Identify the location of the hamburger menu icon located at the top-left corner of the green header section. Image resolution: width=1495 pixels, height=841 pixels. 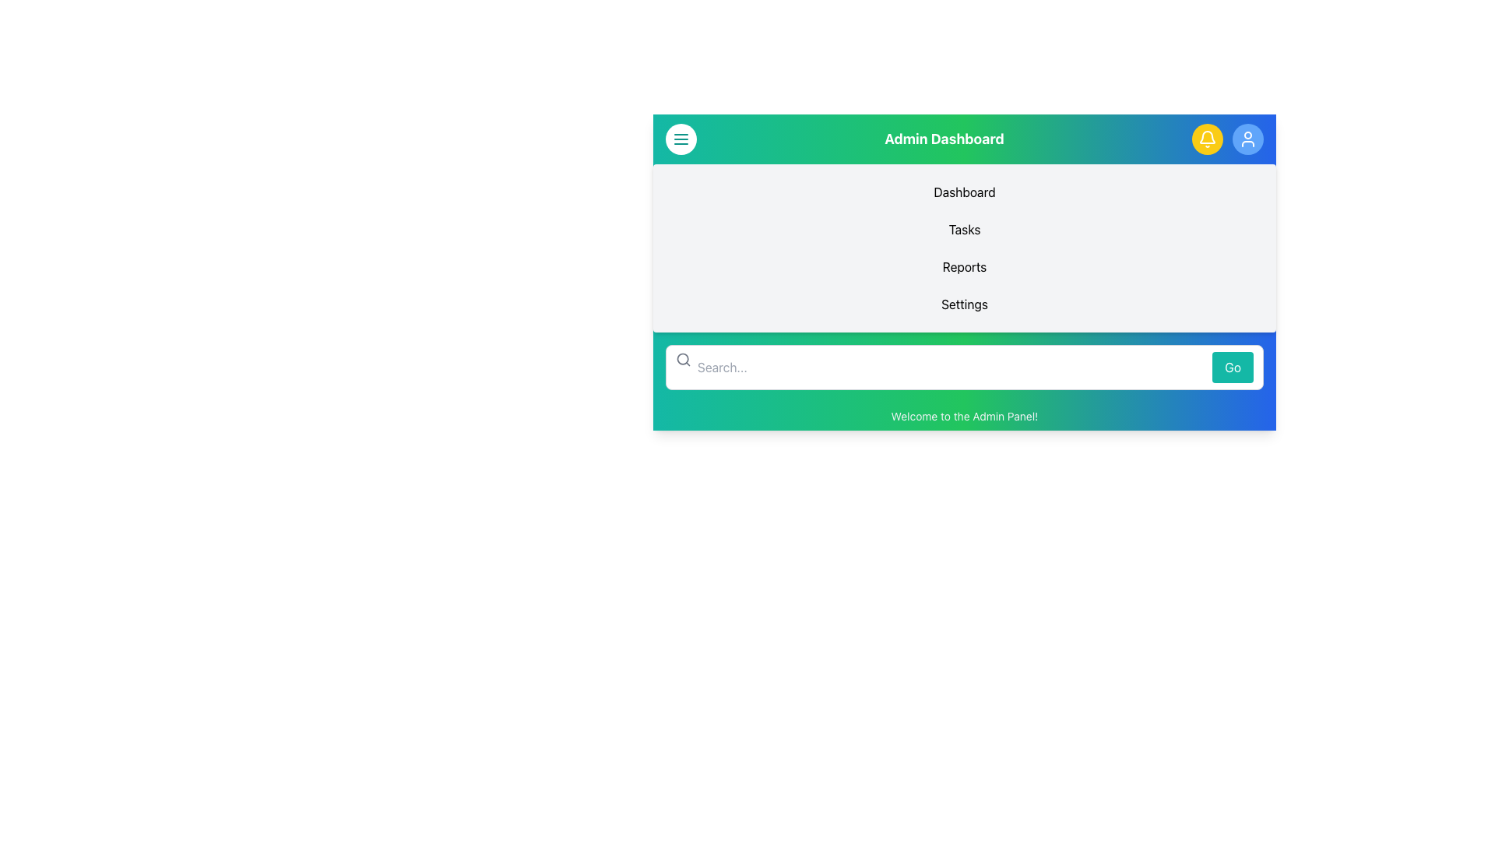
(681, 138).